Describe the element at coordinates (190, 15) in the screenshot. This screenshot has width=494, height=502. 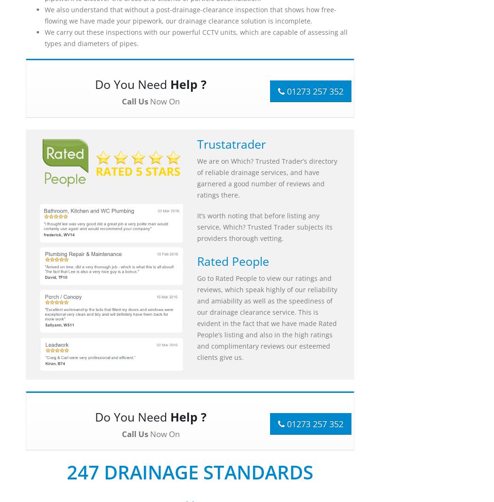
I see `'We also understand that without a post-drainage-clearance inspection that shows how free-flowing we have made your pipework, our drainage clearance solution is incomplete.'` at that location.